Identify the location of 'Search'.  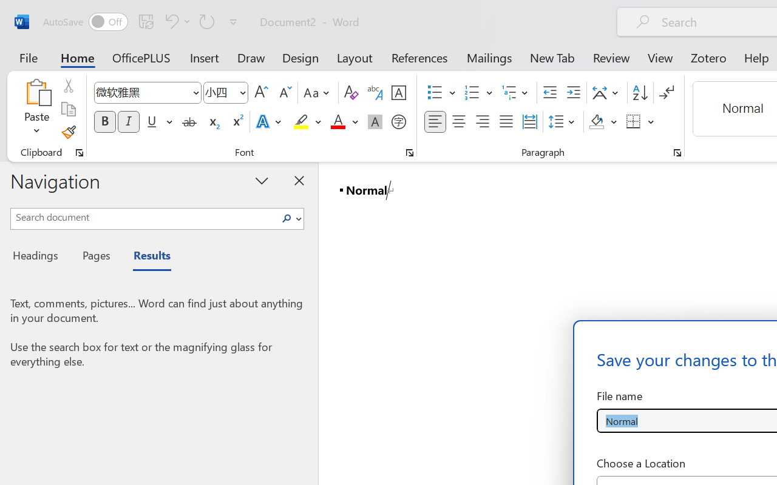
(290, 218).